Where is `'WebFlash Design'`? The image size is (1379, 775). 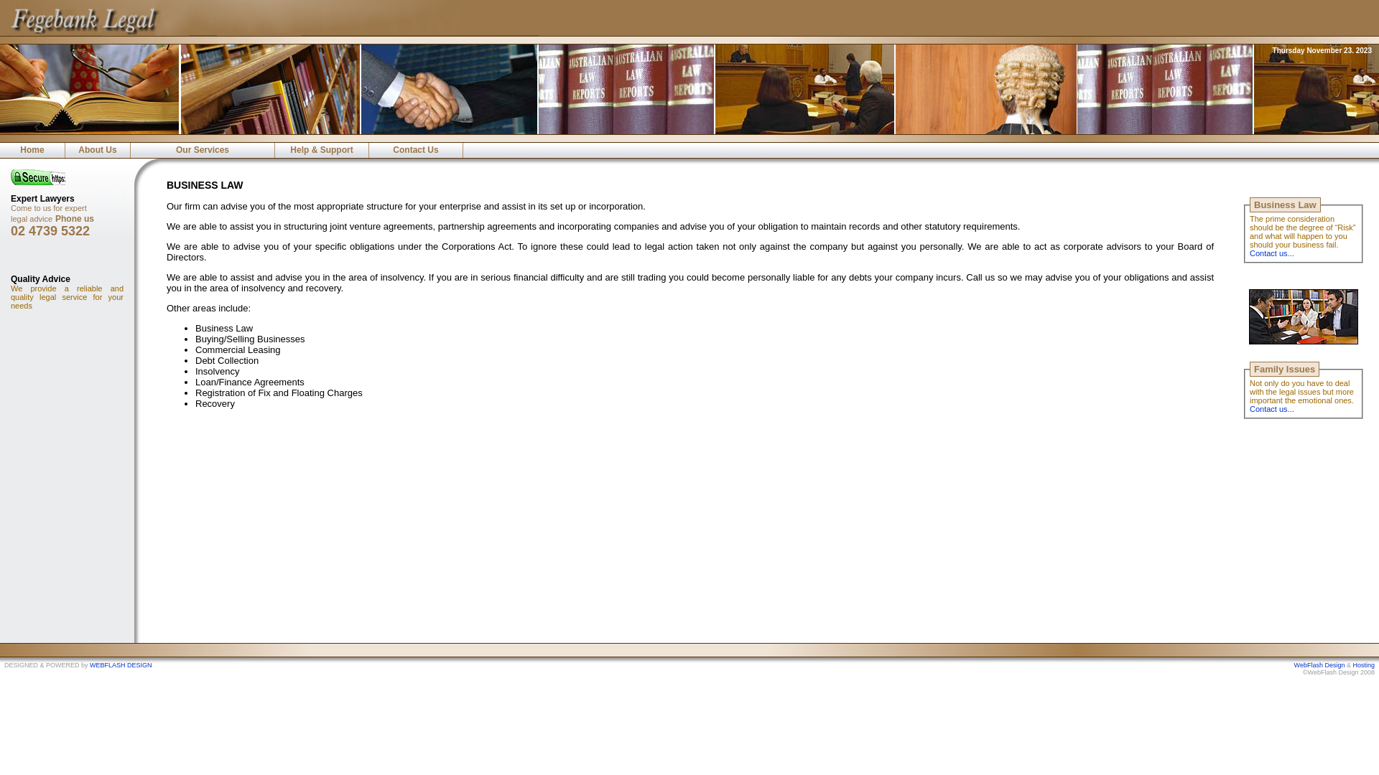 'WebFlash Design' is located at coordinates (1319, 664).